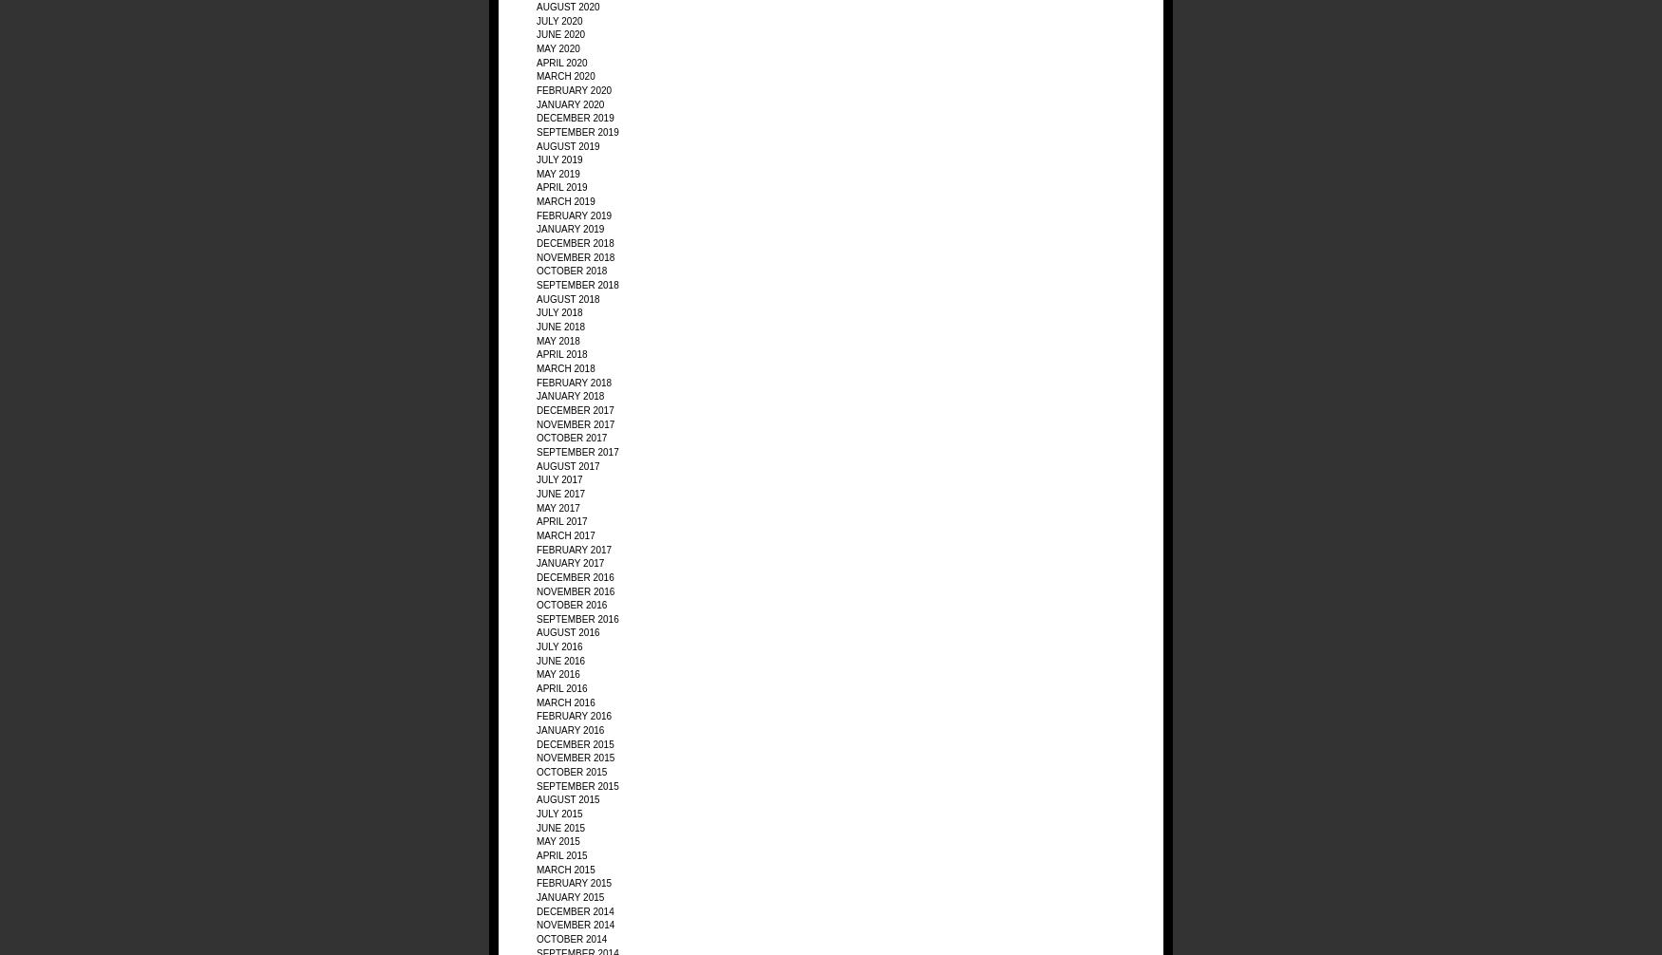 This screenshot has height=955, width=1662. What do you see at coordinates (572, 270) in the screenshot?
I see `'October 2018'` at bounding box center [572, 270].